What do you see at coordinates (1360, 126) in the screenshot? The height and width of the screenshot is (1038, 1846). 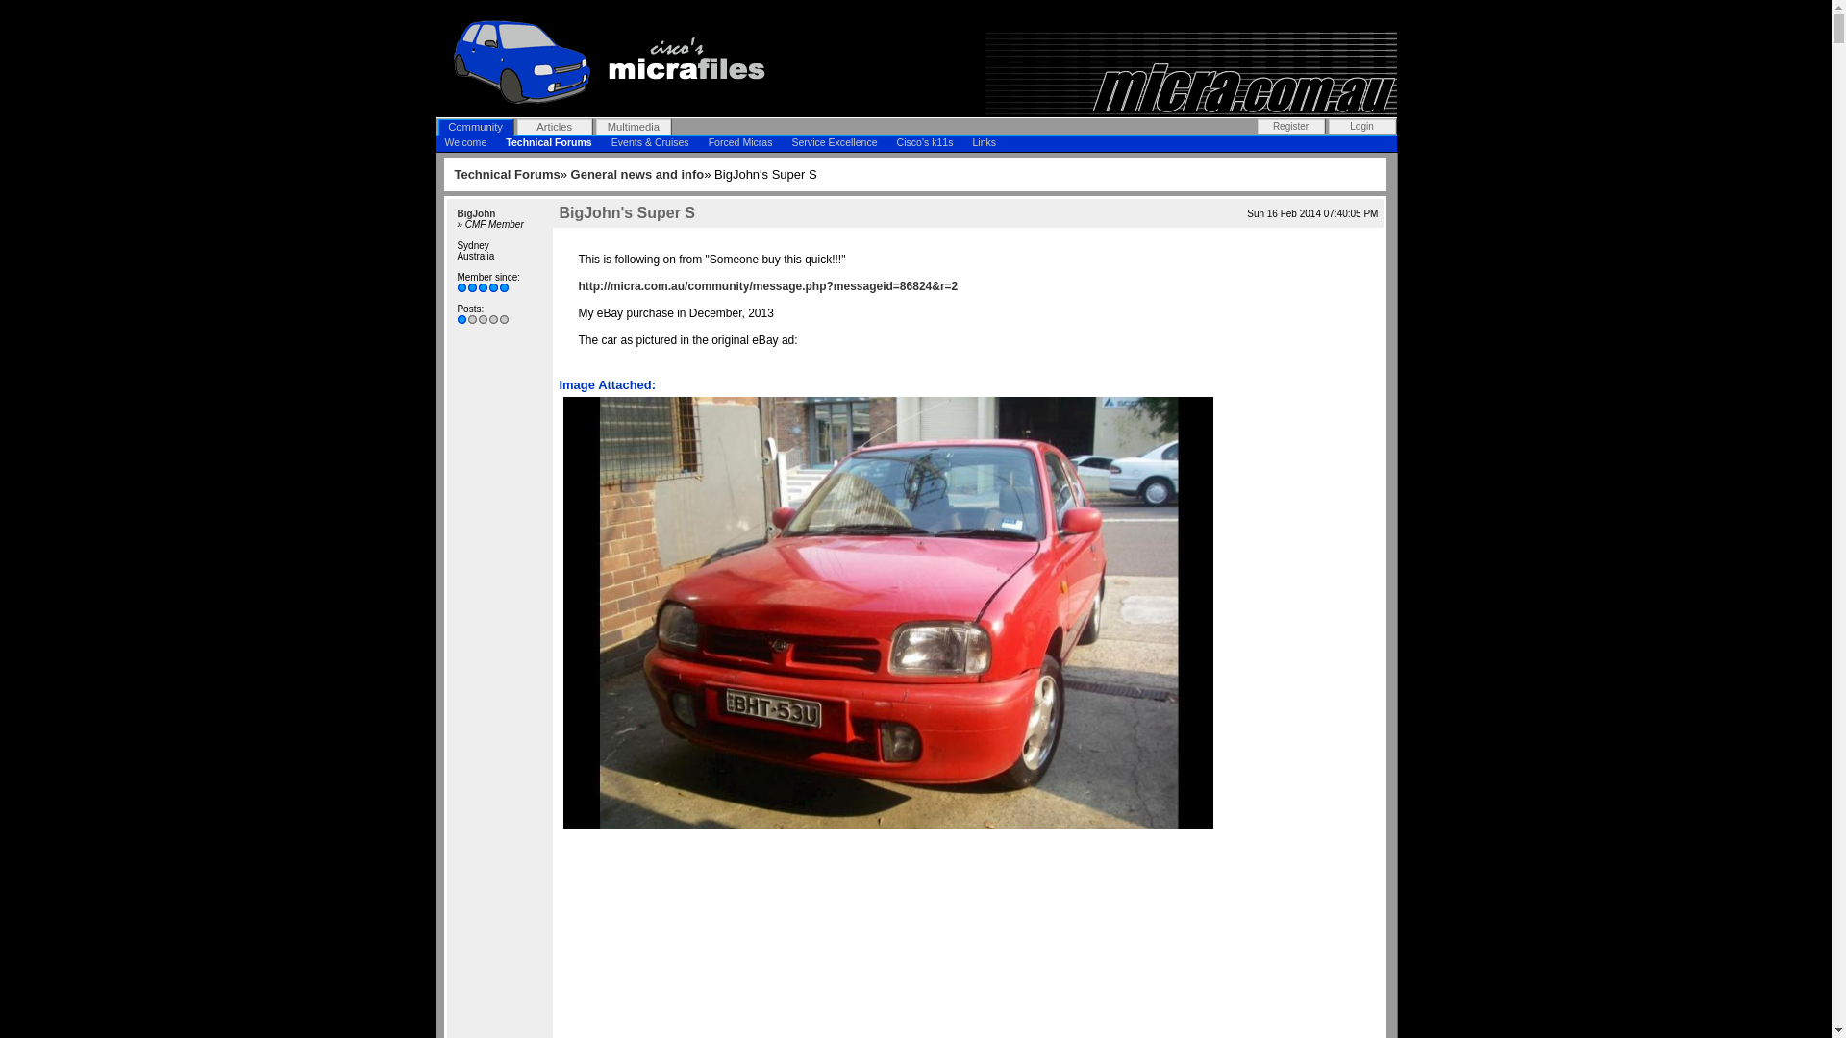 I see `'Login'` at bounding box center [1360, 126].